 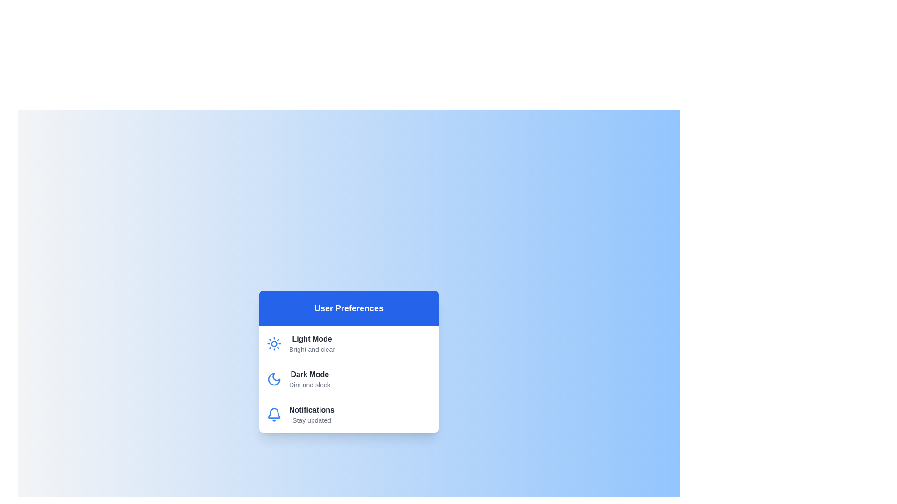 What do you see at coordinates (273, 414) in the screenshot?
I see `the icon for the theme Notifications to view it visually` at bounding box center [273, 414].